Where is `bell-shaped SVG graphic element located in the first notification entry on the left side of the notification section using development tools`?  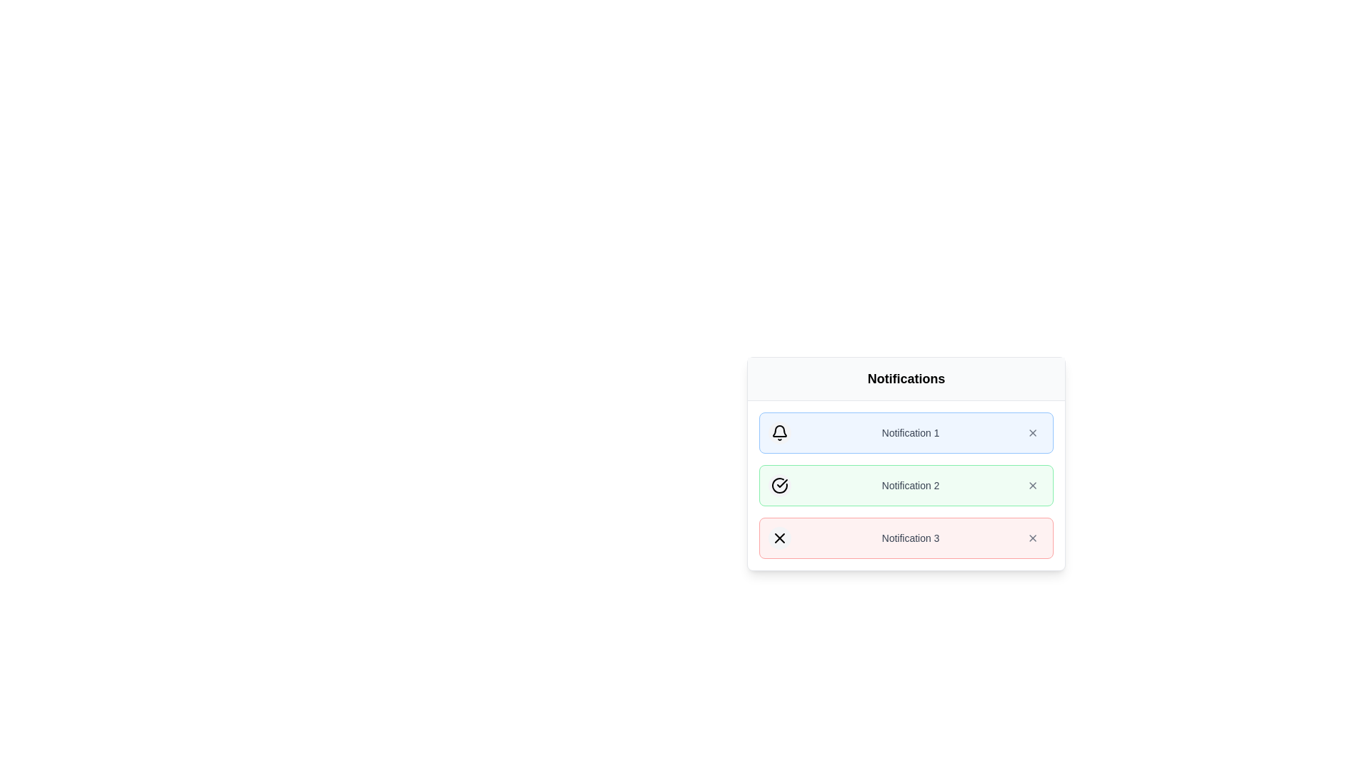
bell-shaped SVG graphic element located in the first notification entry on the left side of the notification section using development tools is located at coordinates (779, 430).